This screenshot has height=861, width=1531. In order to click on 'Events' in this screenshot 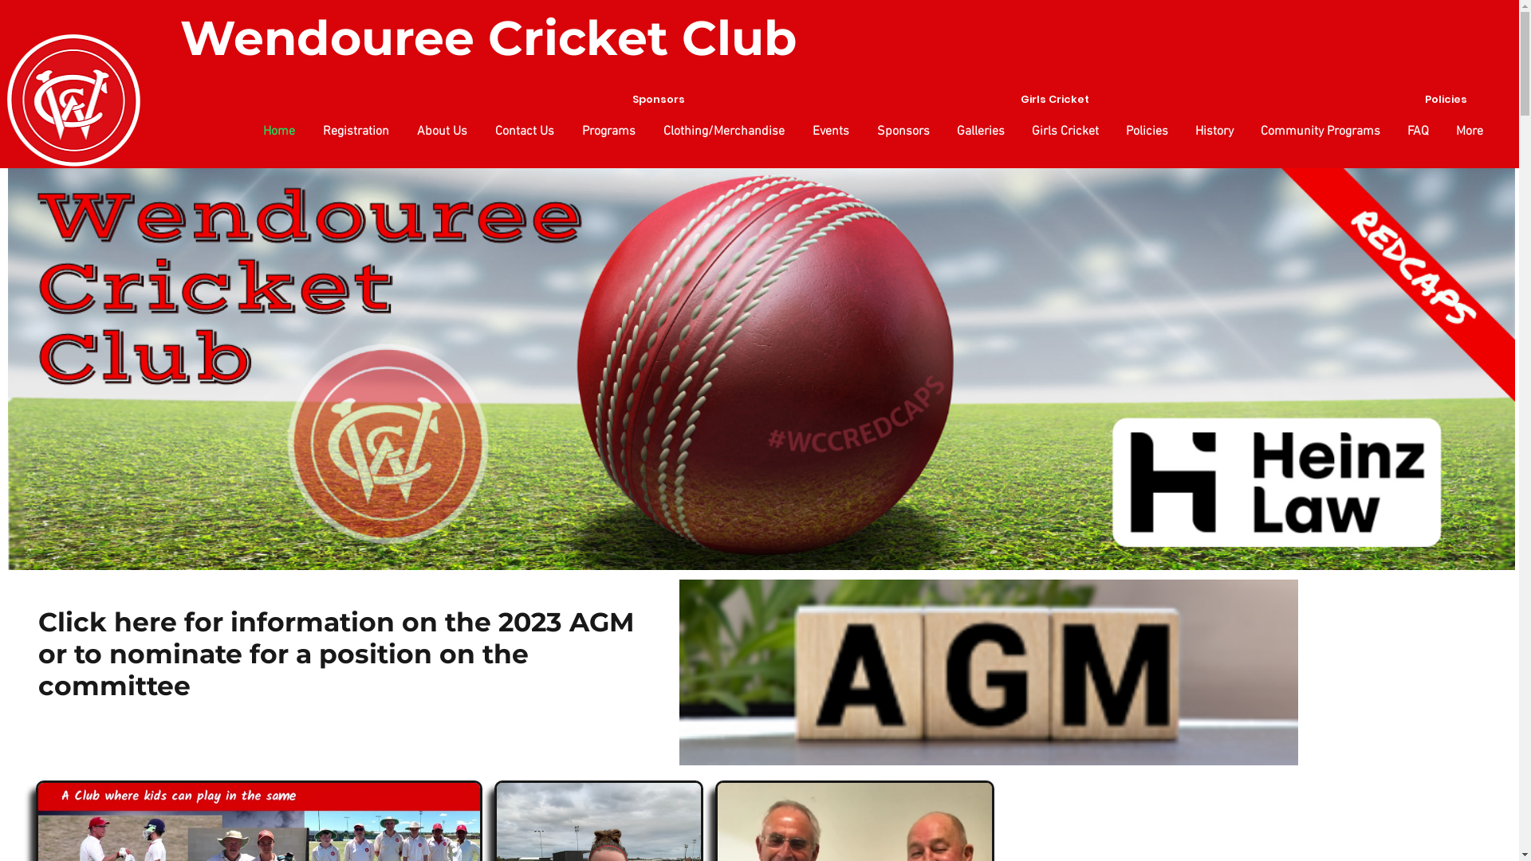, I will do `click(796, 131)`.